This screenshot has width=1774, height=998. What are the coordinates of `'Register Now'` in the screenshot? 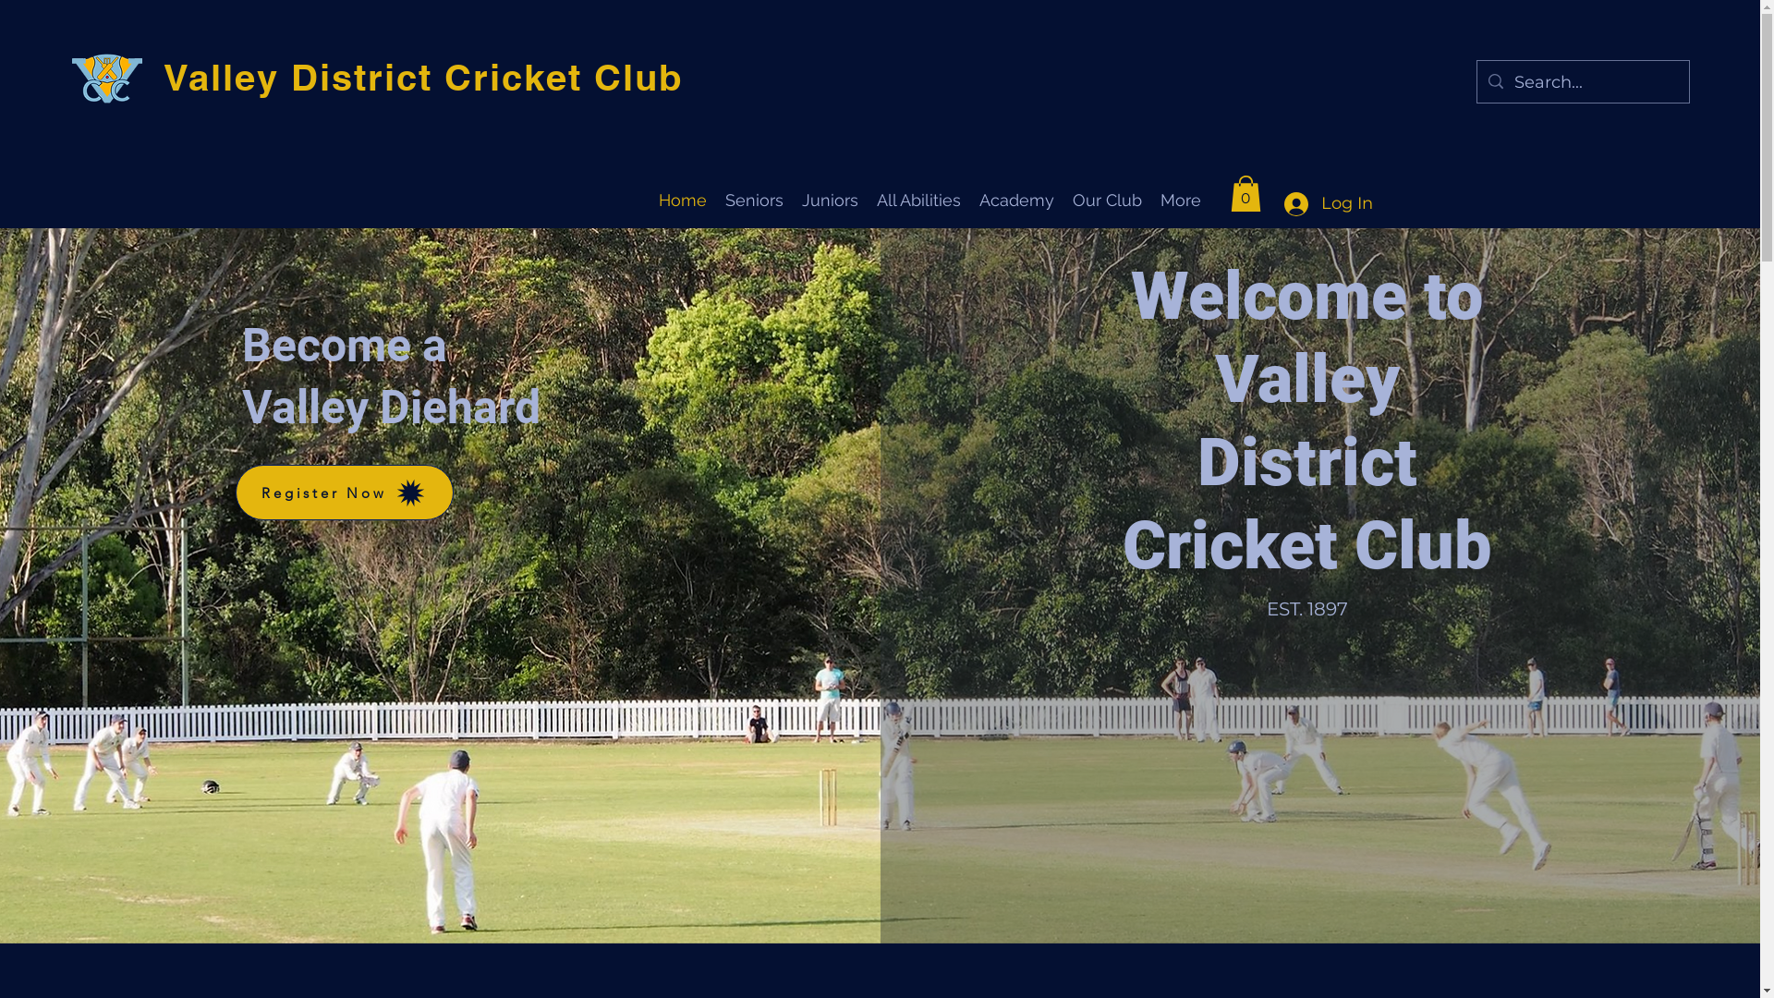 It's located at (234, 491).